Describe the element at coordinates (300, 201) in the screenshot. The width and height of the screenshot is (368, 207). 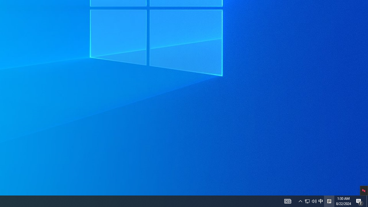
I see `'Notification Chevron'` at that location.